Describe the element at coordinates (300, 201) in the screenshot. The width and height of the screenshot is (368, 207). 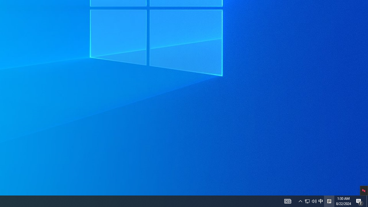
I see `'Notification Chevron'` at that location.